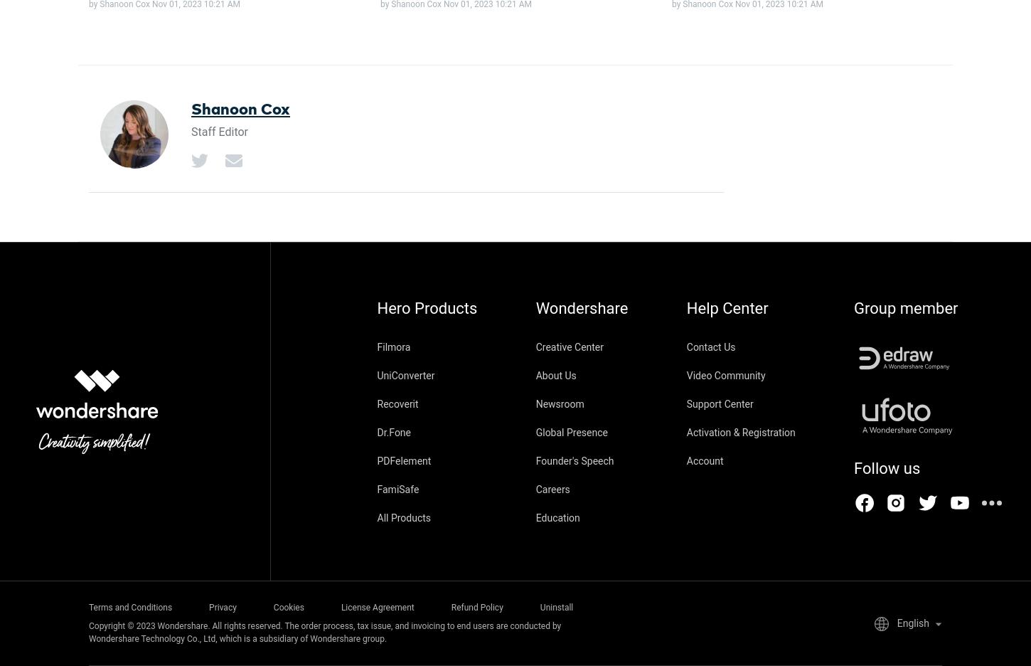  I want to click on 'Activation & Registration', so click(740, 433).